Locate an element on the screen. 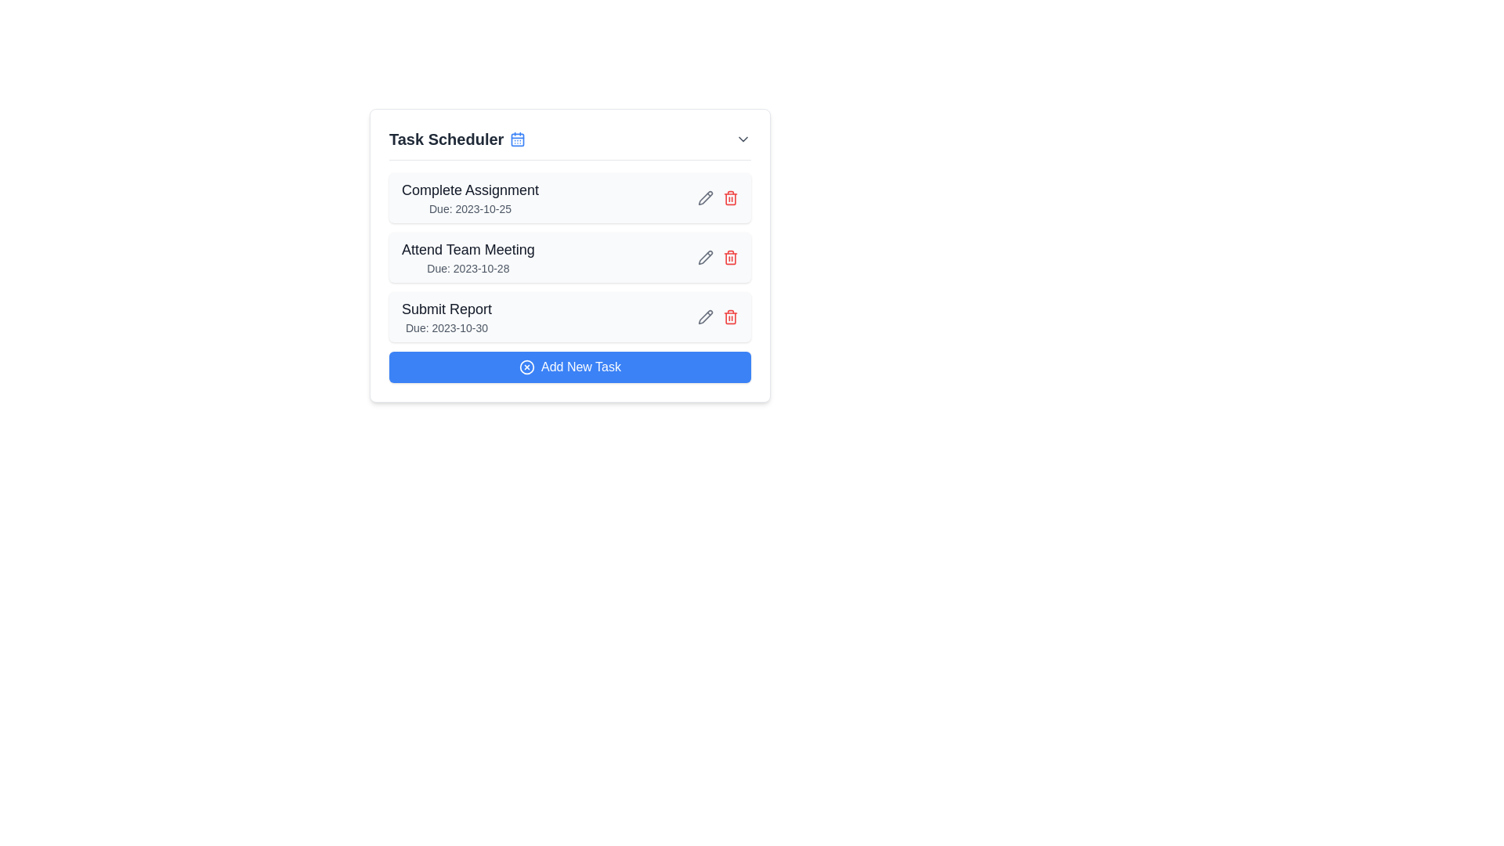 The height and width of the screenshot is (846, 1504). the text label for 'Submit Report' is located at coordinates (446, 309).